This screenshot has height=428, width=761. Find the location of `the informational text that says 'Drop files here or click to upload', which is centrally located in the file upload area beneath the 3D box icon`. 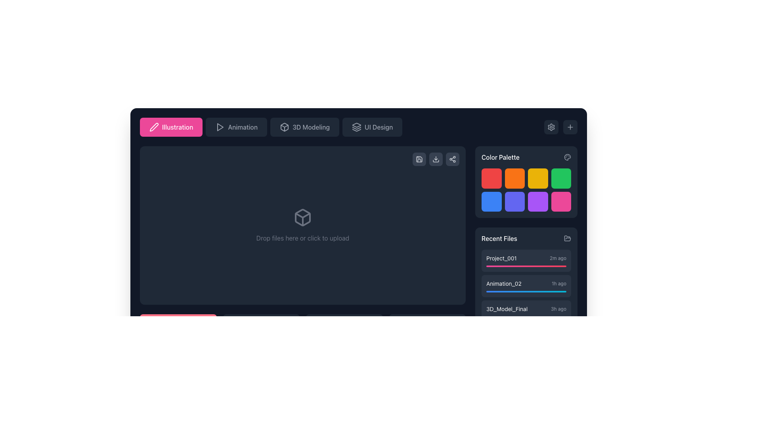

the informational text that says 'Drop files here or click to upload', which is centrally located in the file upload area beneath the 3D box icon is located at coordinates (302, 238).